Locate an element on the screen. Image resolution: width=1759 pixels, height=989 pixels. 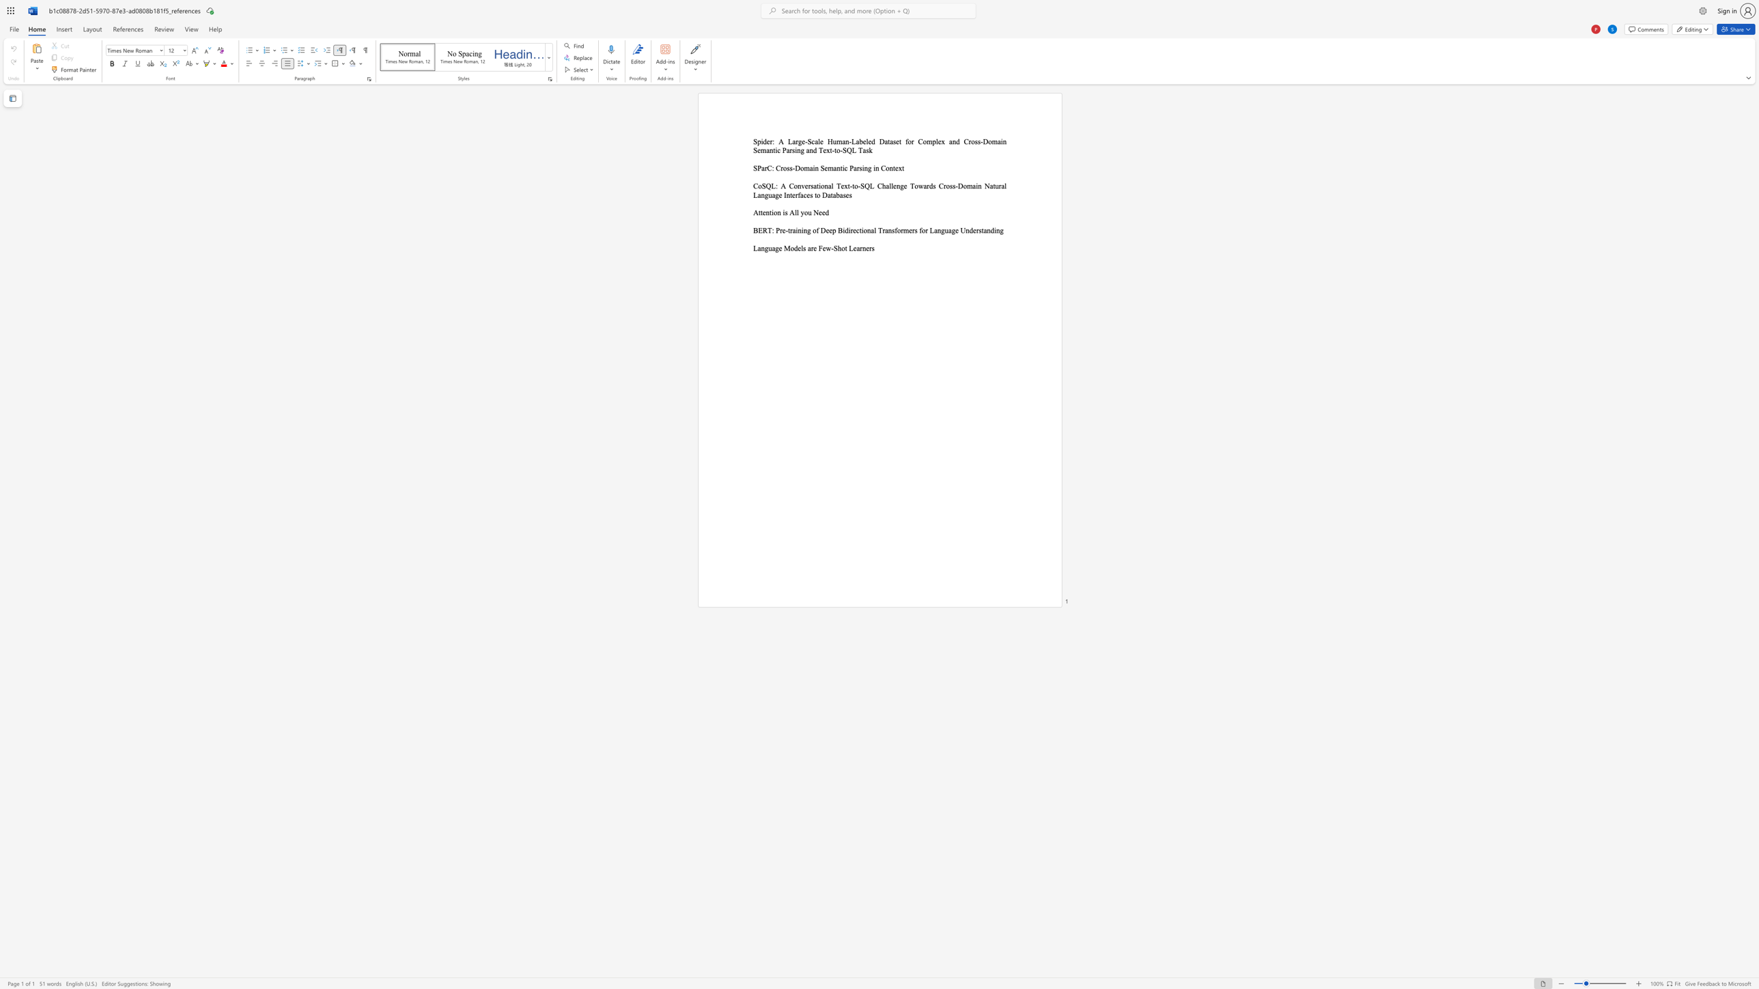
the subset text "ners" within the text "Language Models are Few-Shot Learners" is located at coordinates (861, 247).